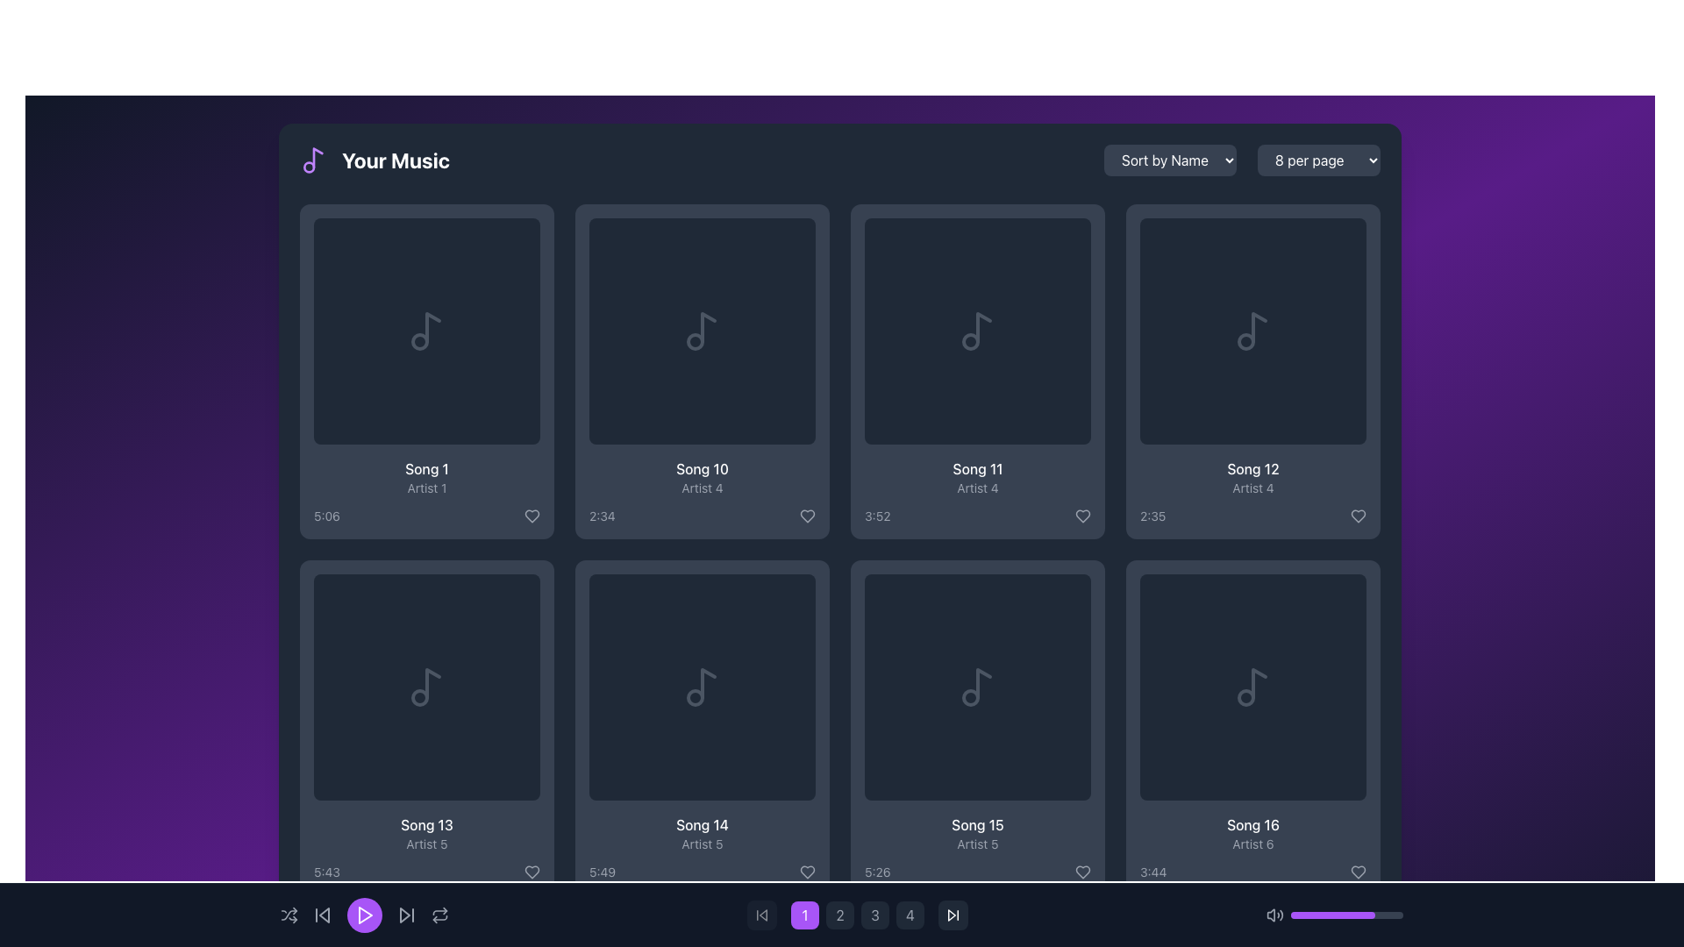  What do you see at coordinates (406, 915) in the screenshot?
I see `the sixth button from the left` at bounding box center [406, 915].